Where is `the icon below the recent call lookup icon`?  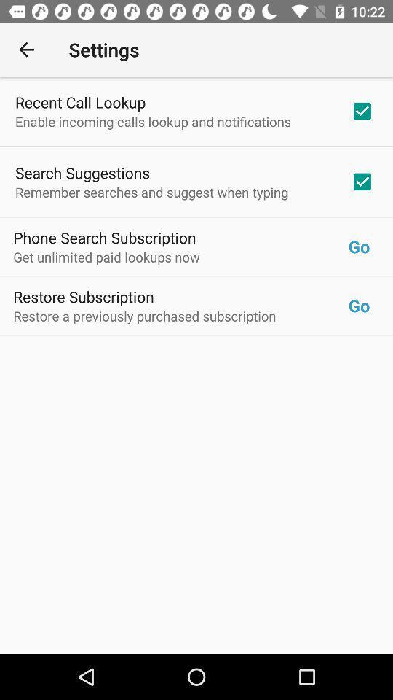 the icon below the recent call lookup icon is located at coordinates (152, 120).